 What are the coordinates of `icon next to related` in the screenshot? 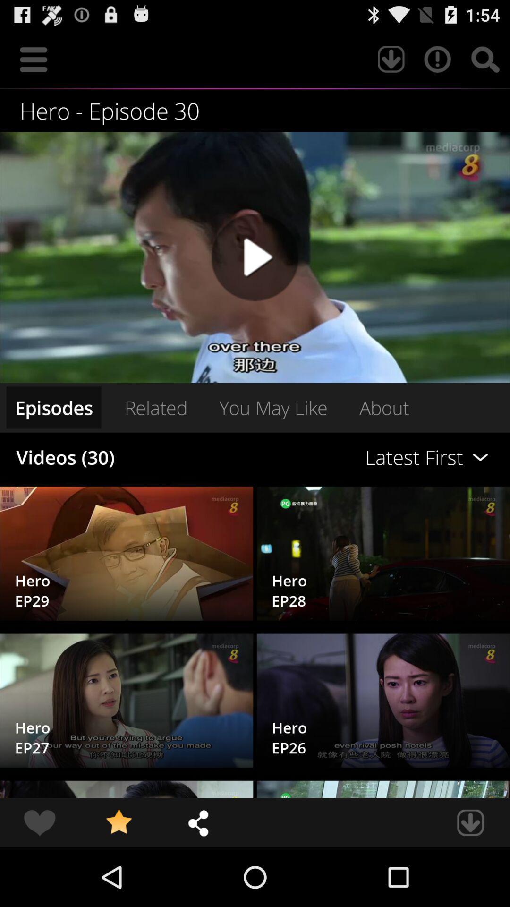 It's located at (54, 407).